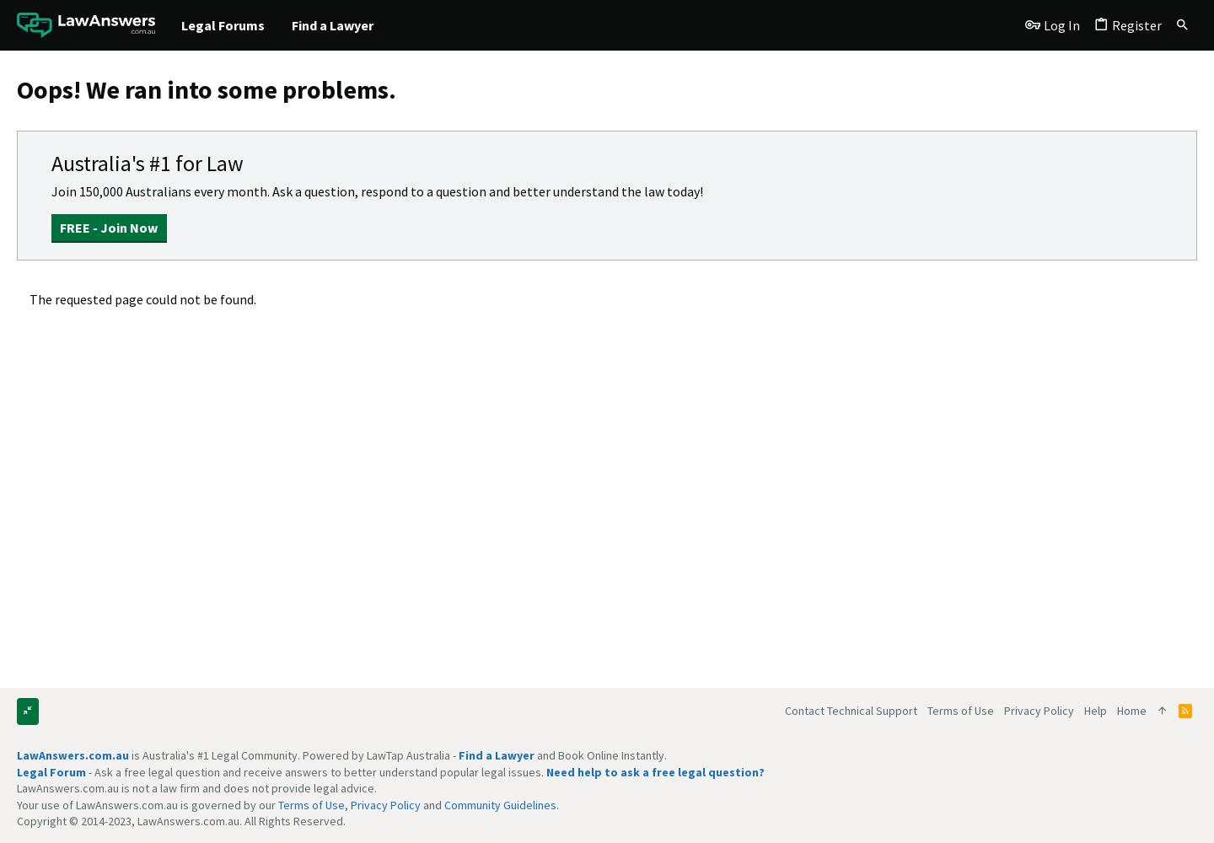 The width and height of the screenshot is (1214, 843). What do you see at coordinates (343, 803) in the screenshot?
I see `','` at bounding box center [343, 803].